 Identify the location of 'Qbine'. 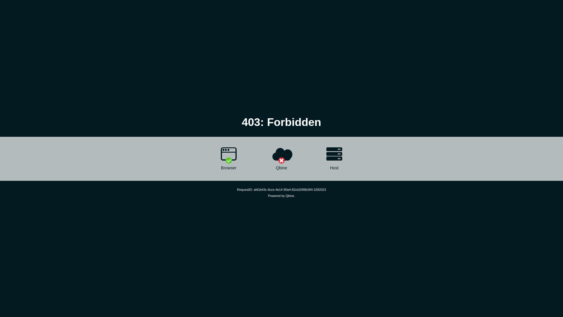
(290, 196).